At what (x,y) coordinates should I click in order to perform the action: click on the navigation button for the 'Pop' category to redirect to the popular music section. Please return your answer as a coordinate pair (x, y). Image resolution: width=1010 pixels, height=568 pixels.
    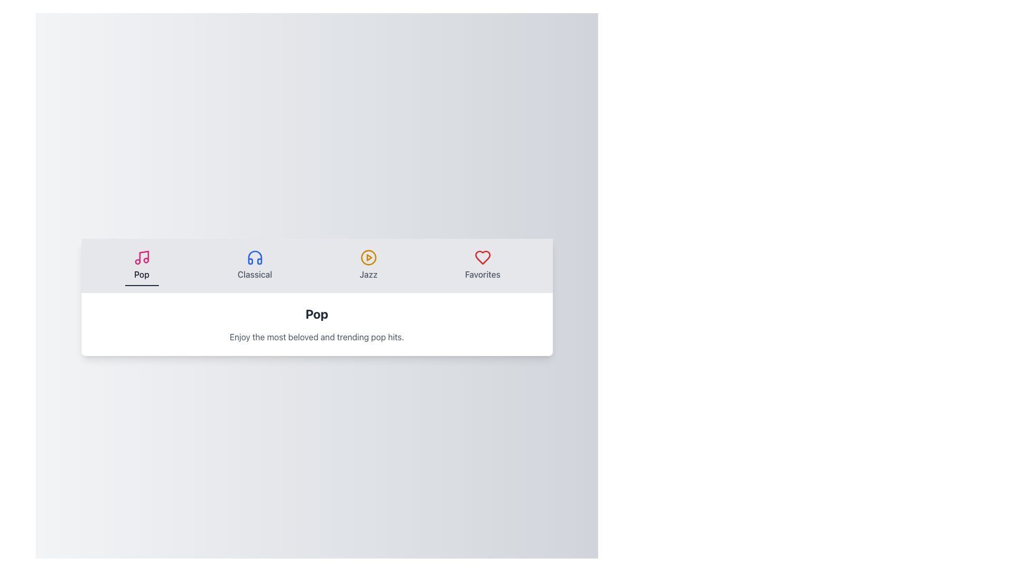
    Looking at the image, I should click on (141, 265).